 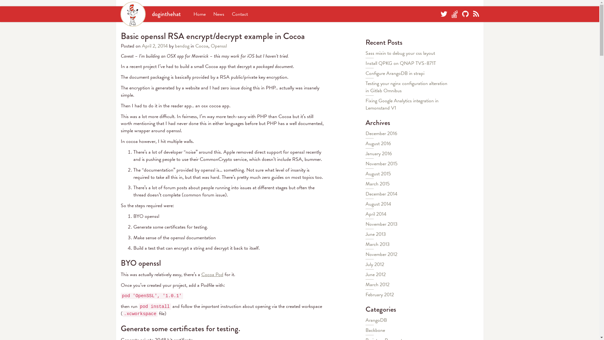 What do you see at coordinates (455, 14) in the screenshot?
I see `'I try to help out on Stack Overflow.'` at bounding box center [455, 14].